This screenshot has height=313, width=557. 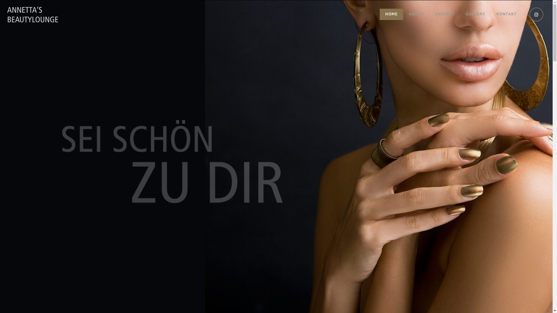 What do you see at coordinates (444, 14) in the screenshot?
I see `'ANGEBOT'` at bounding box center [444, 14].